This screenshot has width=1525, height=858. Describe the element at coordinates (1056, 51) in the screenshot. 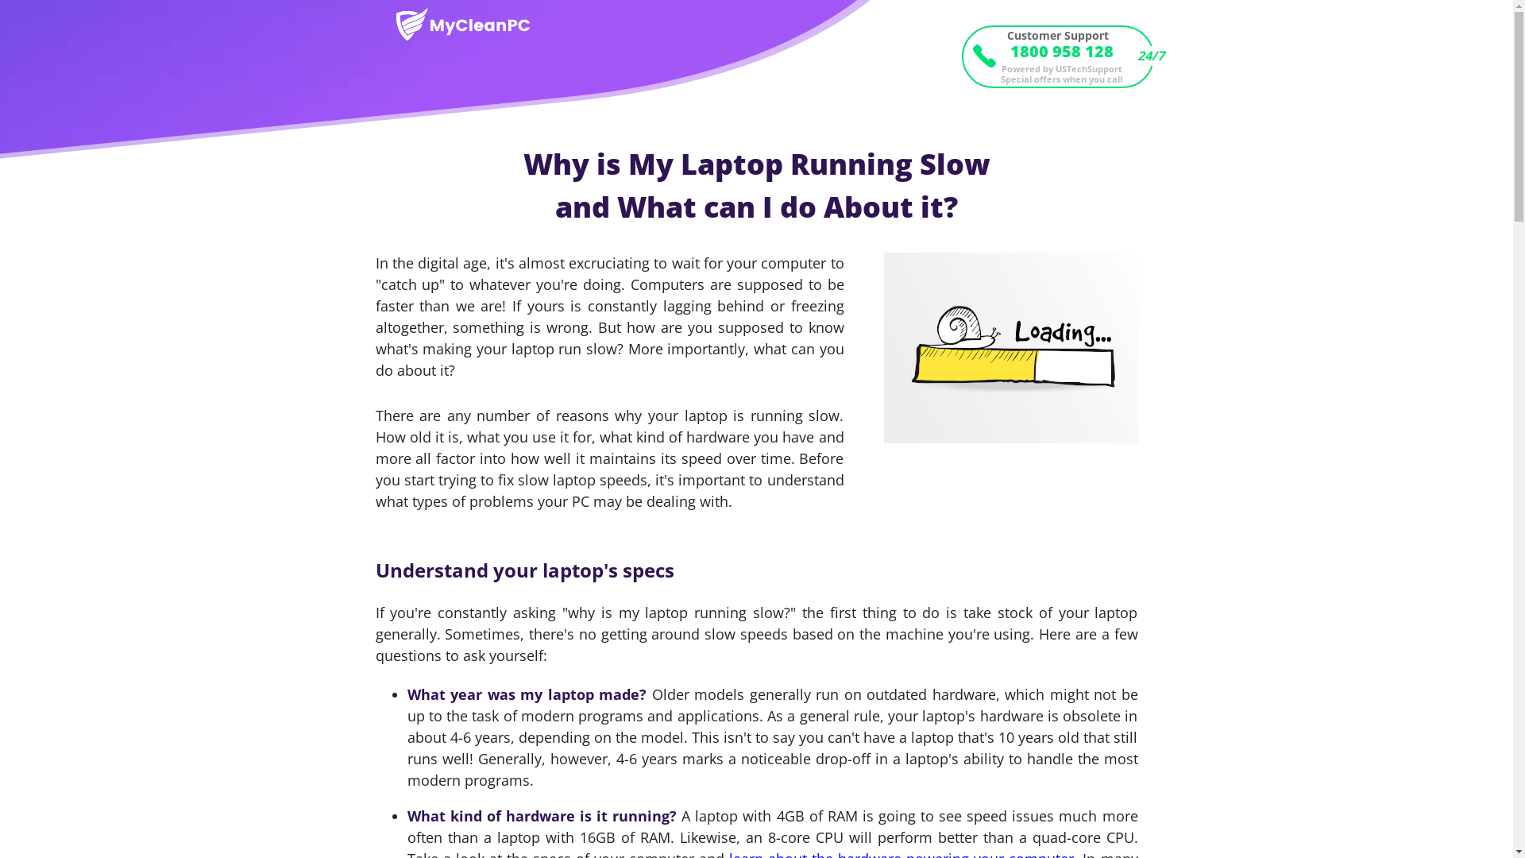

I see `'1800 958 128'` at that location.